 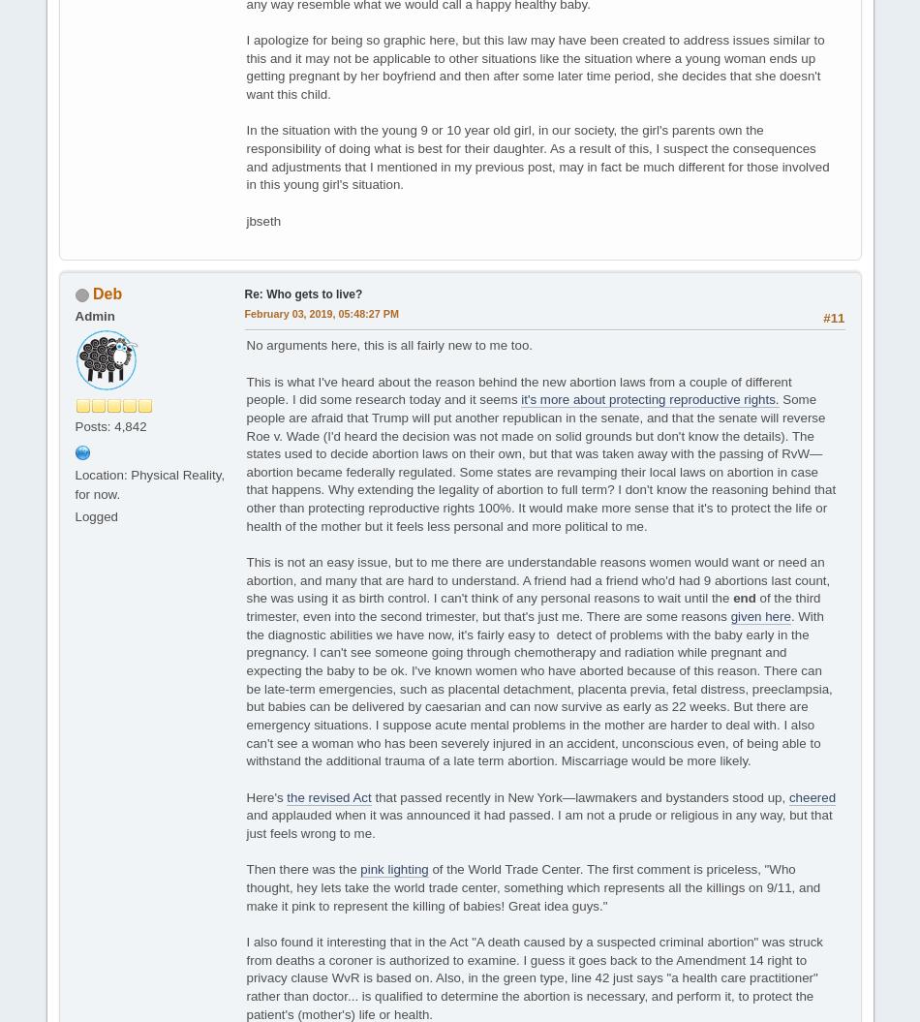 What do you see at coordinates (811, 796) in the screenshot?
I see `'cheered'` at bounding box center [811, 796].